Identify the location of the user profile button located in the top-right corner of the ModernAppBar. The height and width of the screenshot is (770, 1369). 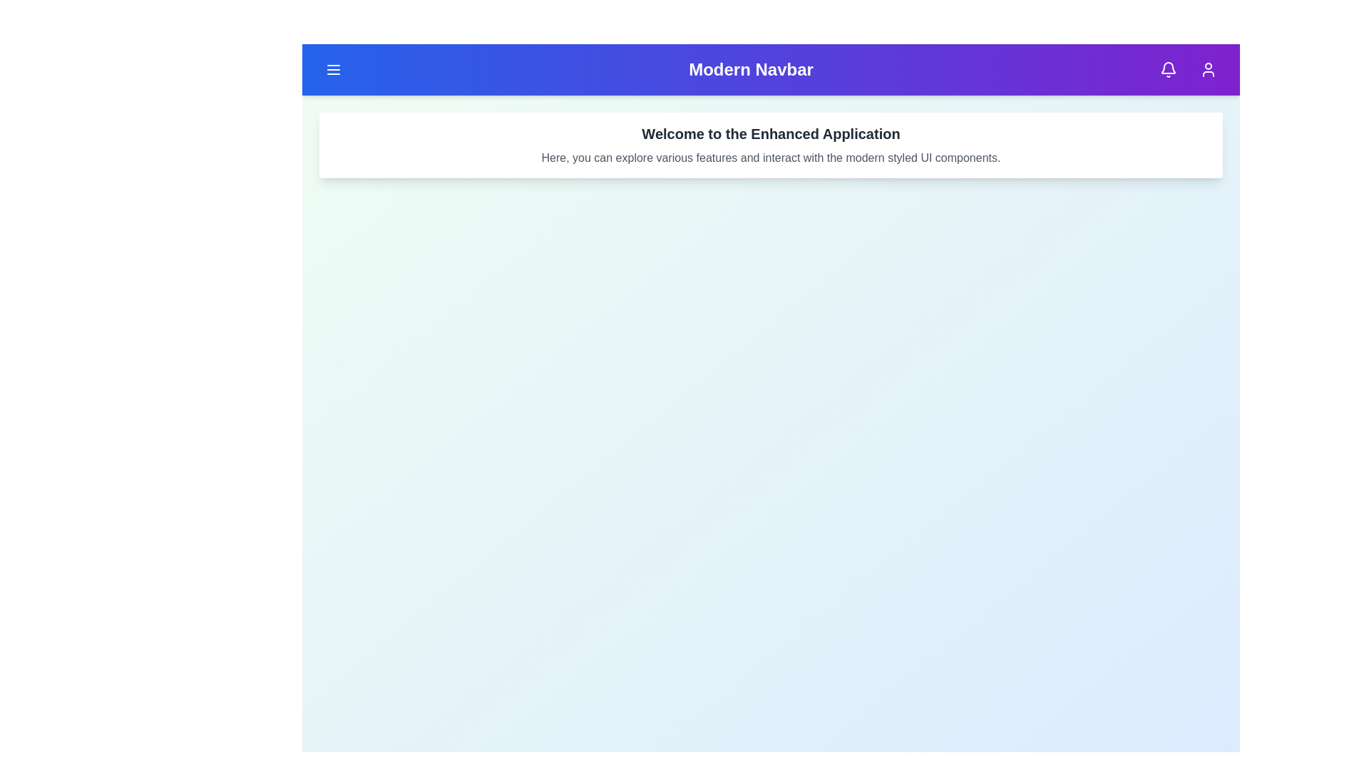
(1207, 69).